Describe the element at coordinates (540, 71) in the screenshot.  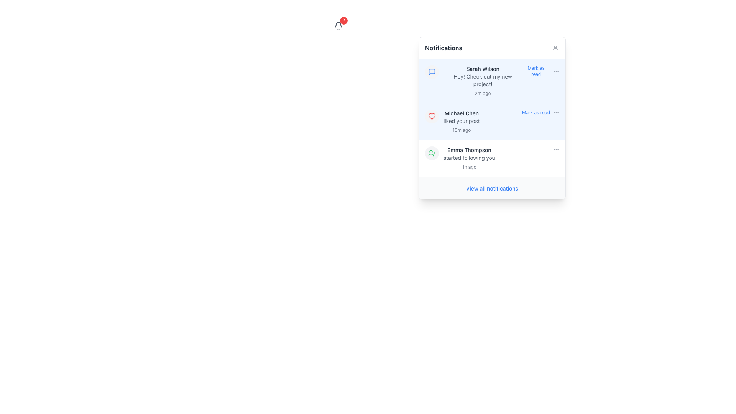
I see `the 'Mark as read' text-based interactive button located in the notification section` at that location.